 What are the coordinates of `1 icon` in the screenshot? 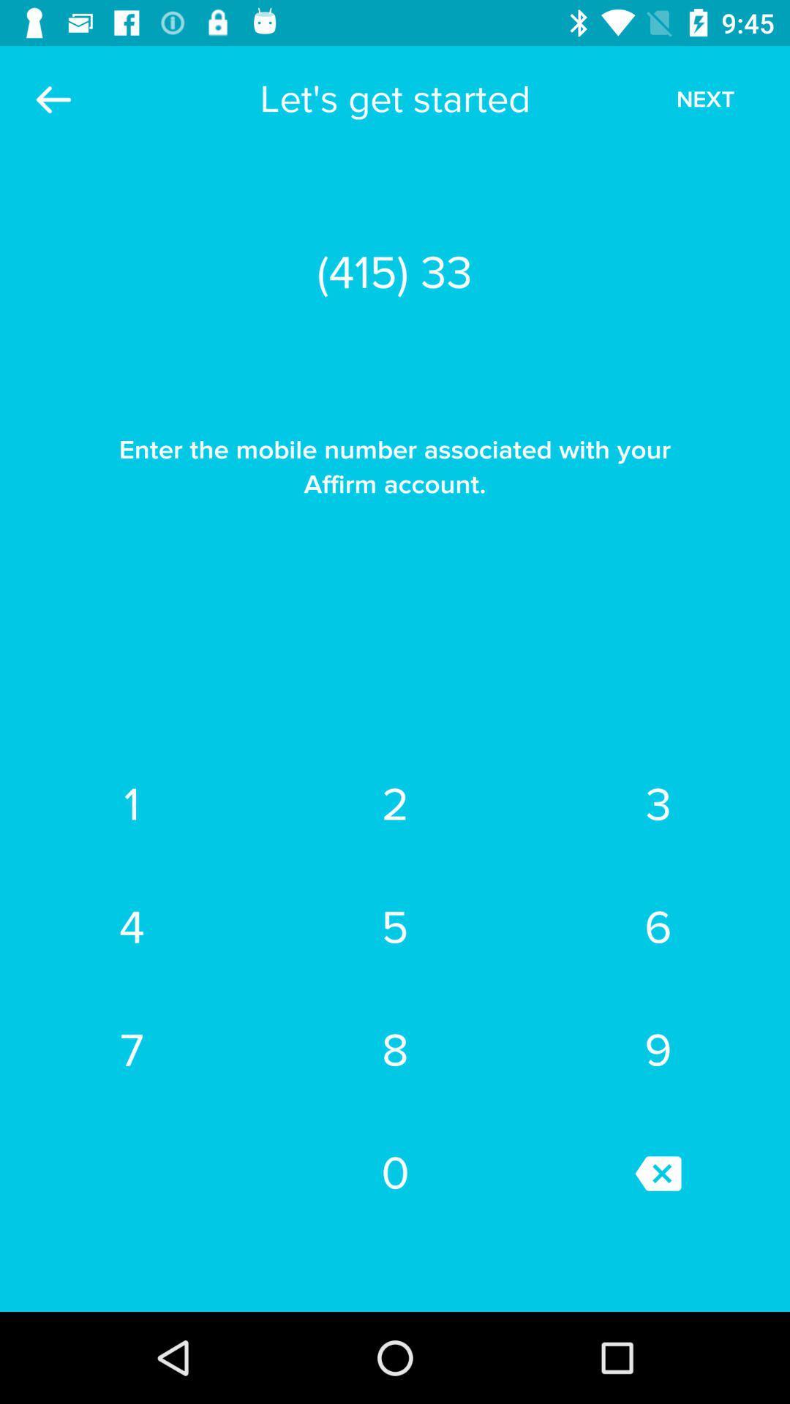 It's located at (132, 804).